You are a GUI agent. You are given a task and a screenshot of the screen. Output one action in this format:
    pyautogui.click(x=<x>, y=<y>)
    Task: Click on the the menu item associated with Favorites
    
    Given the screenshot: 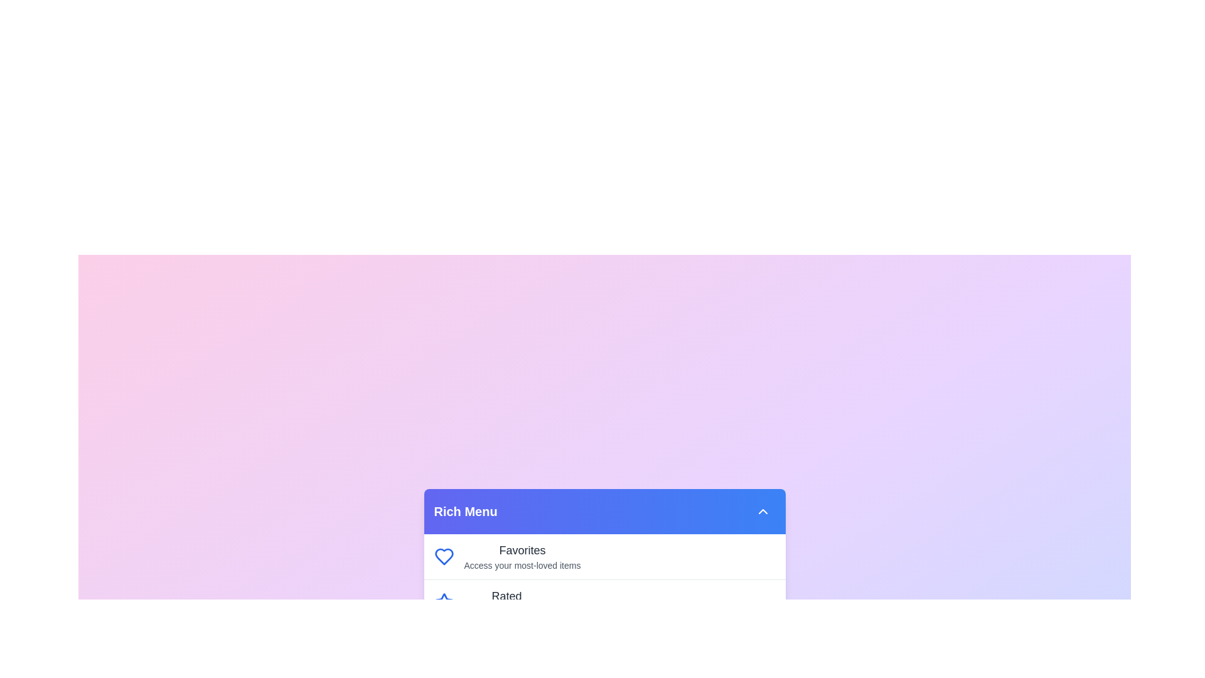 What is the action you would take?
    pyautogui.click(x=444, y=556)
    